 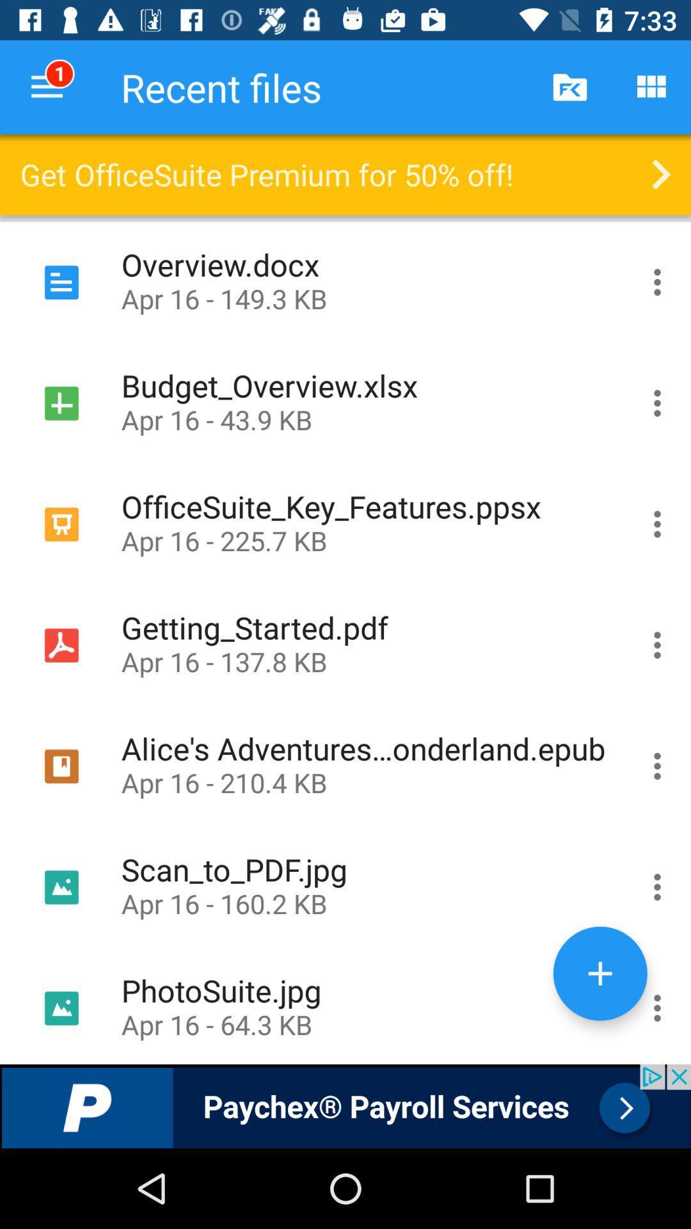 What do you see at coordinates (600, 973) in the screenshot?
I see `the add icon` at bounding box center [600, 973].